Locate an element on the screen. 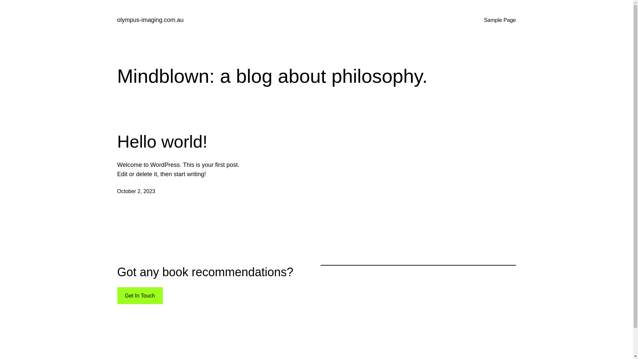  'olympus-imaging.com.au' is located at coordinates (150, 20).